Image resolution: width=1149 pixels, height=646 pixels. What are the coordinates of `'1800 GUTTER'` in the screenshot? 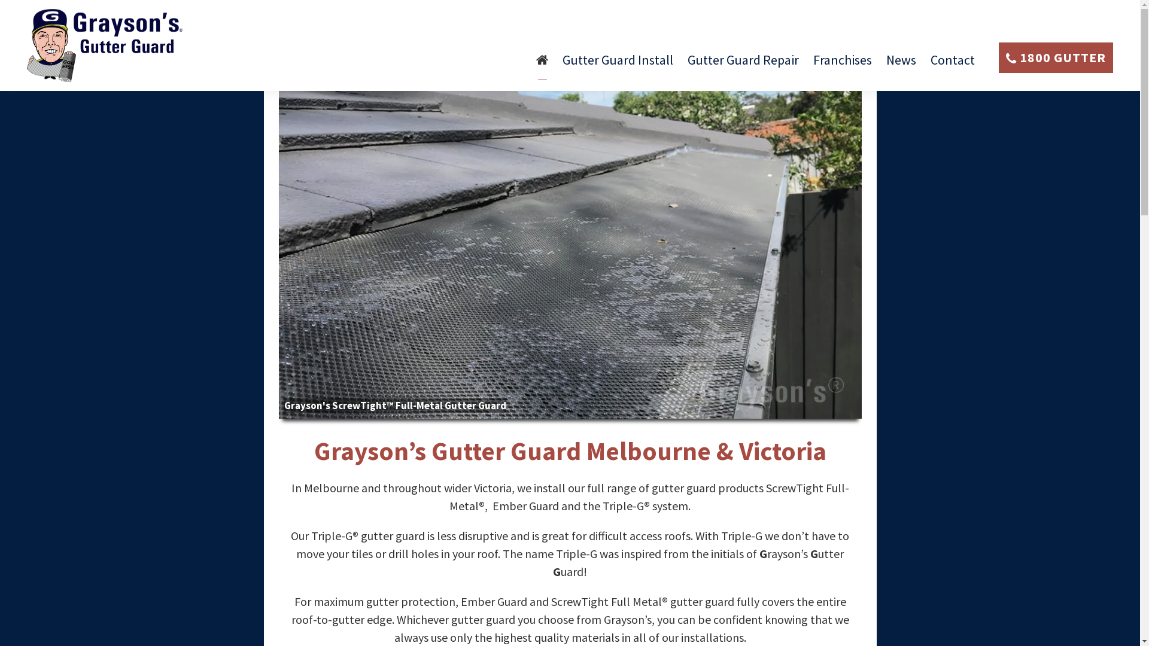 It's located at (1056, 57).